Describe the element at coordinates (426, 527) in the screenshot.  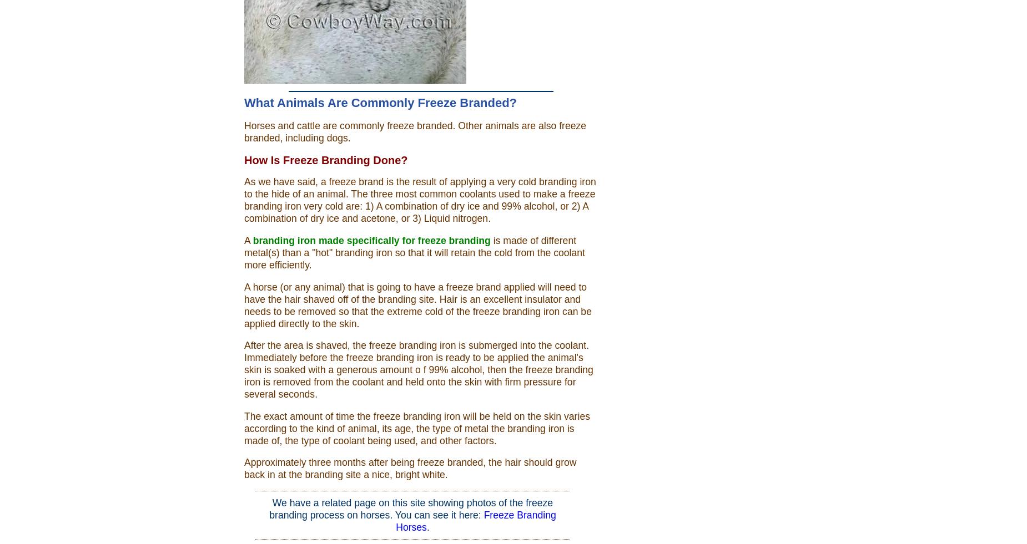
I see `'.'` at that location.